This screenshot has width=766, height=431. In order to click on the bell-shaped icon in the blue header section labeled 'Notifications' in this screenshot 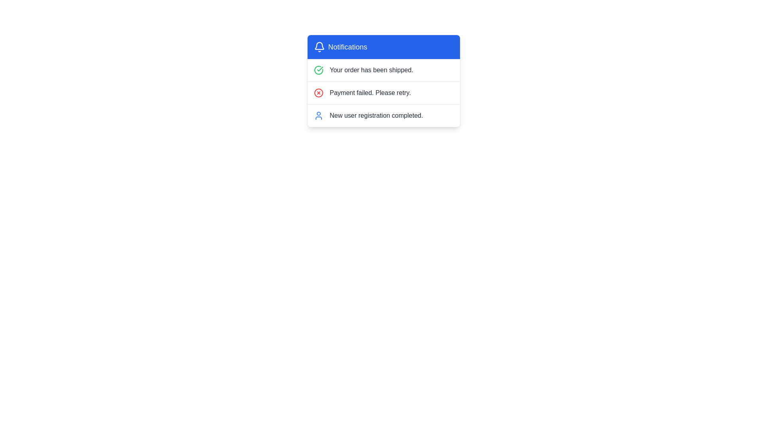, I will do `click(319, 47)`.